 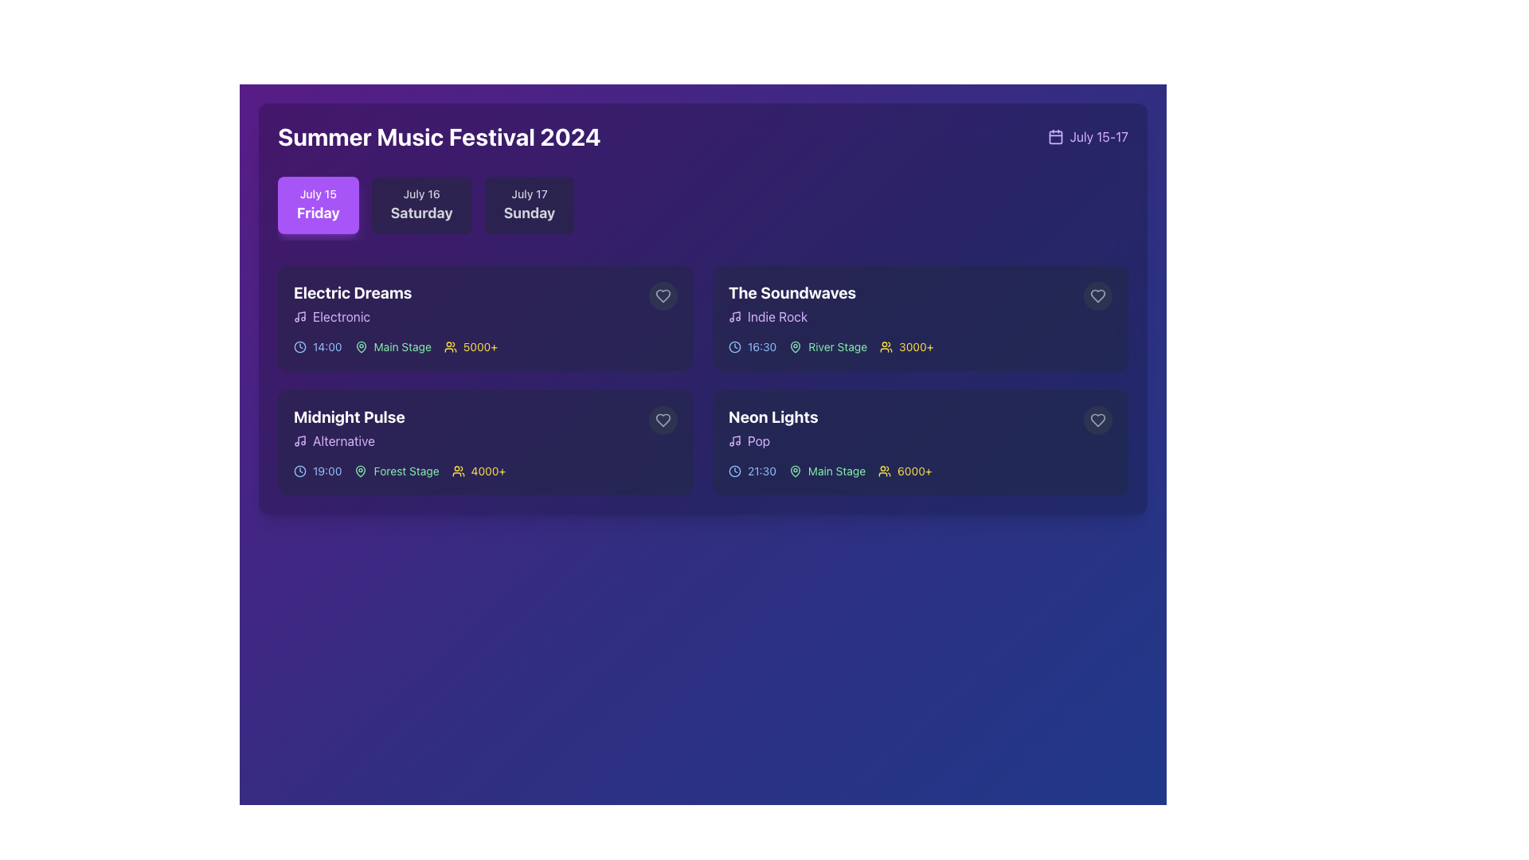 I want to click on the SVG circle representing the rim of the clock icon located in the top right corner of the event card, so click(x=733, y=346).